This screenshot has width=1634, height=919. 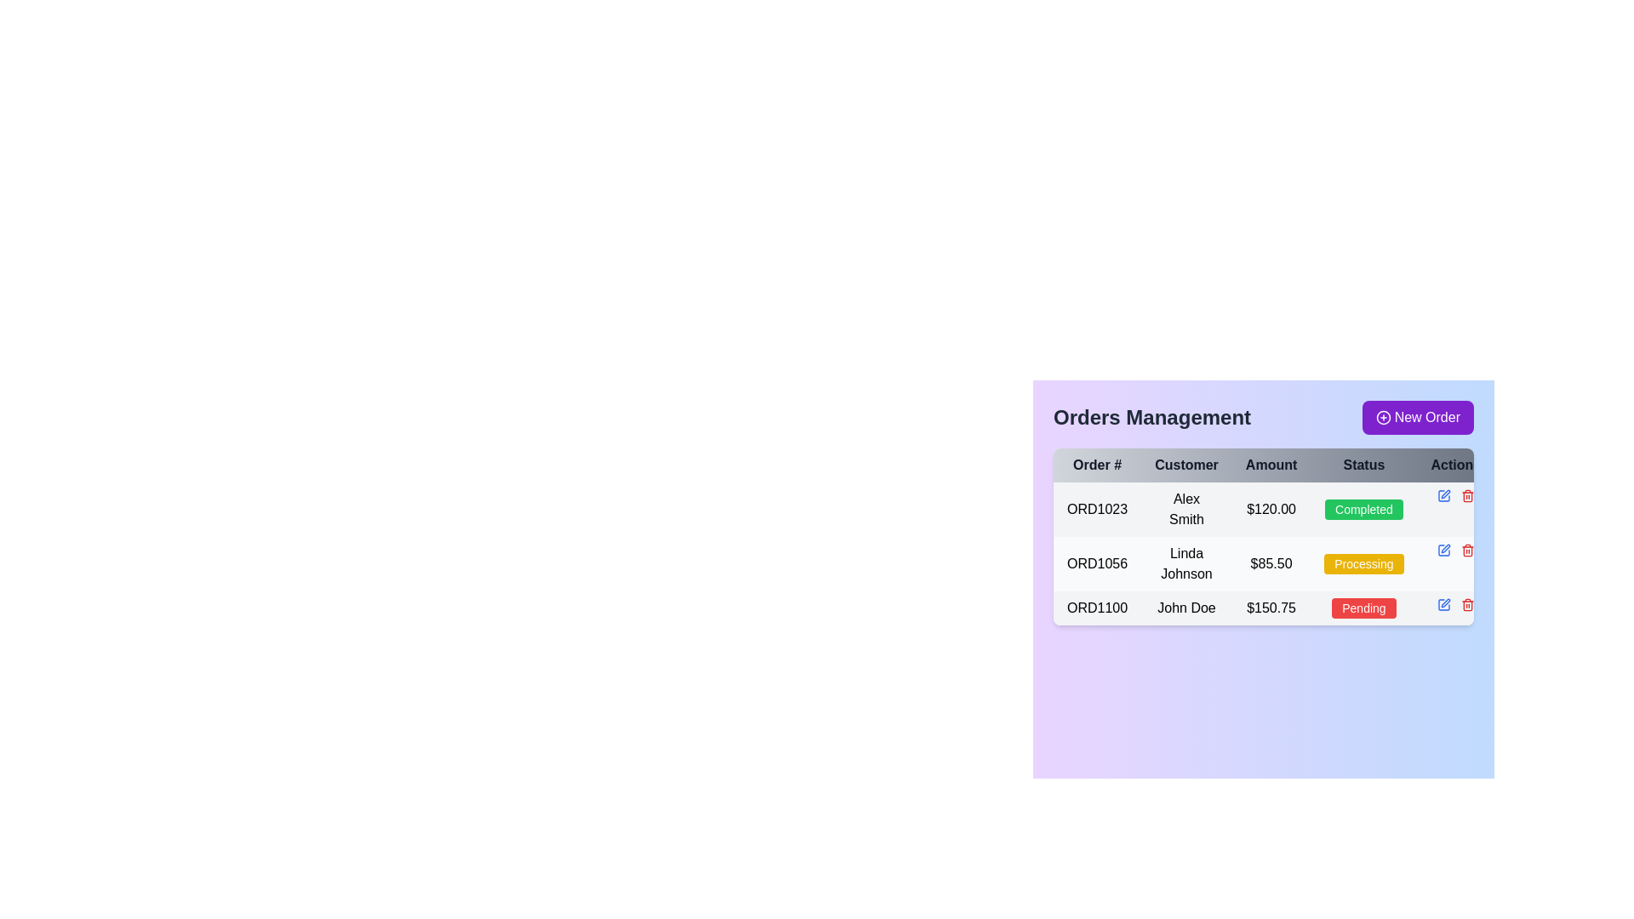 I want to click on the customer name label located in the 'Customer' column of the table for order 'ORD1100', so click(x=1186, y=607).